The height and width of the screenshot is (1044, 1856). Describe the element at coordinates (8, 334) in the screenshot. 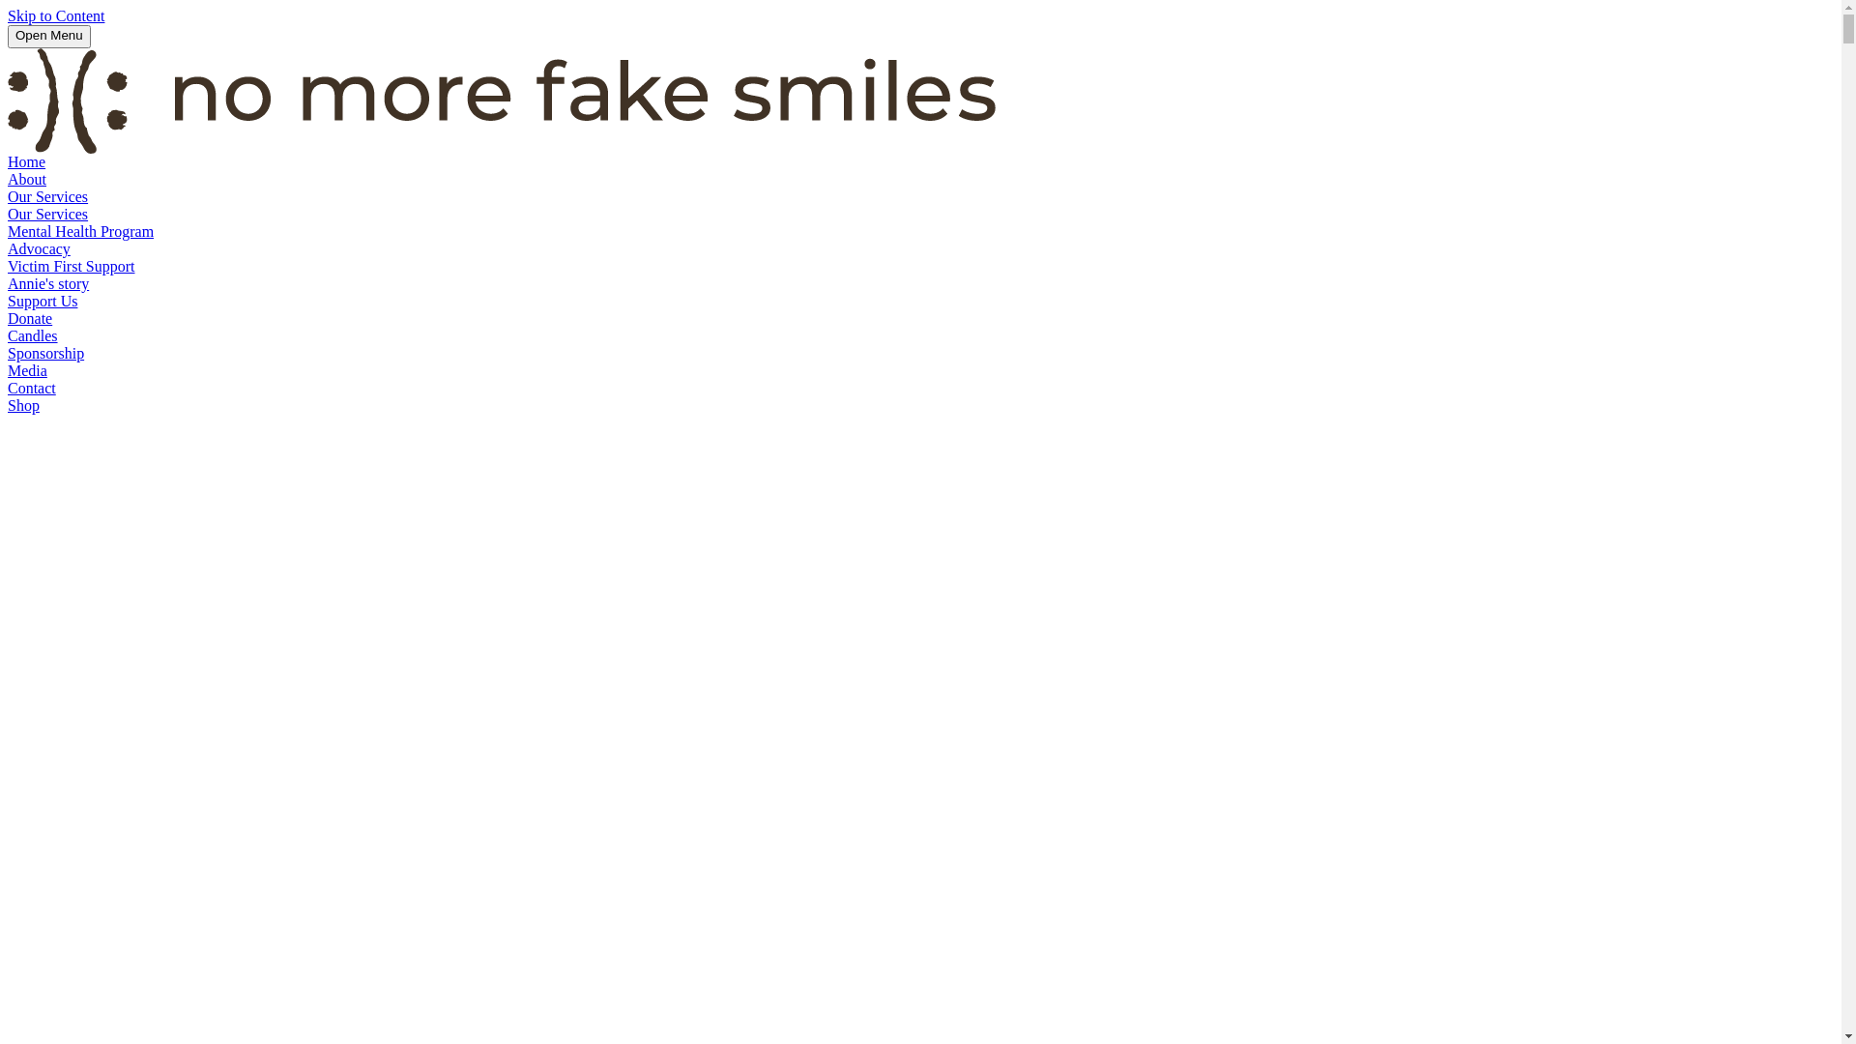

I see `'Candles'` at that location.